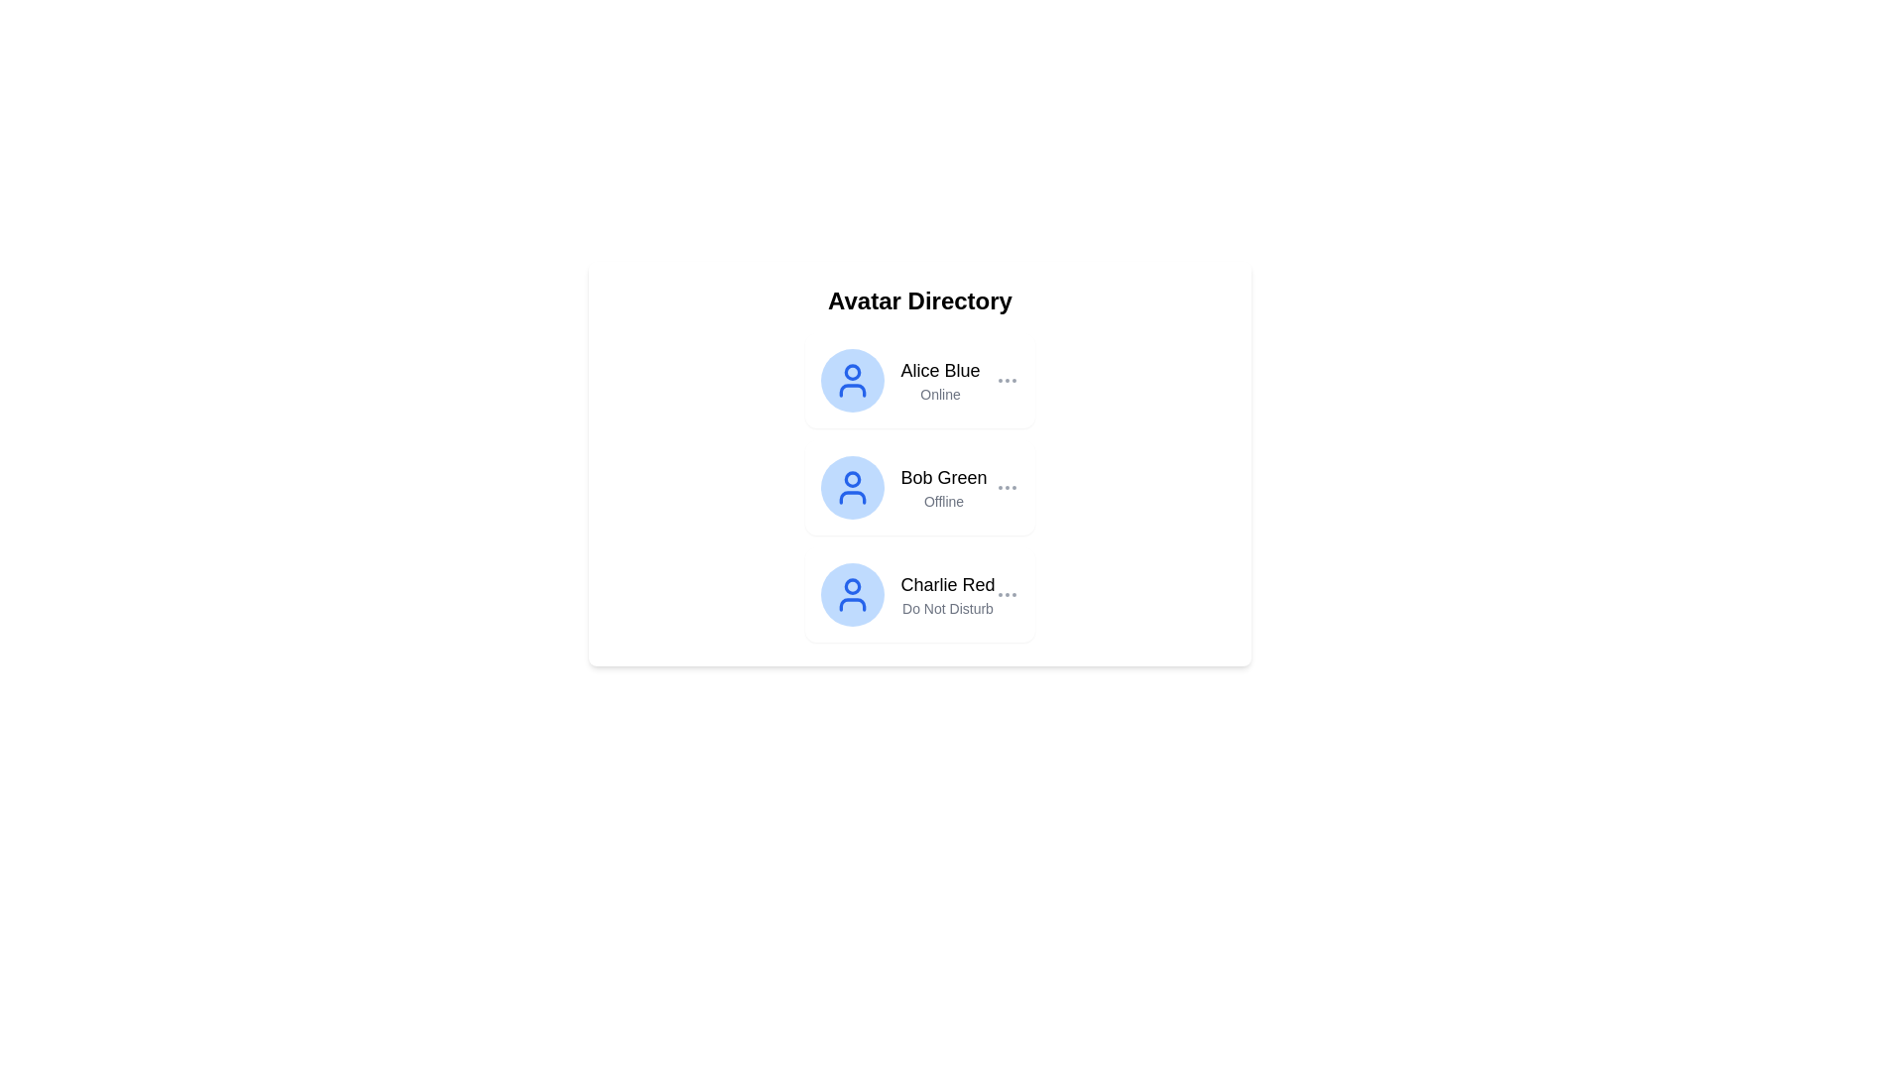  I want to click on the circular Icon subcomponent located in the upper region of the avatar icon SVG, which is the third entry in a vertical list of user entries, so click(853, 585).